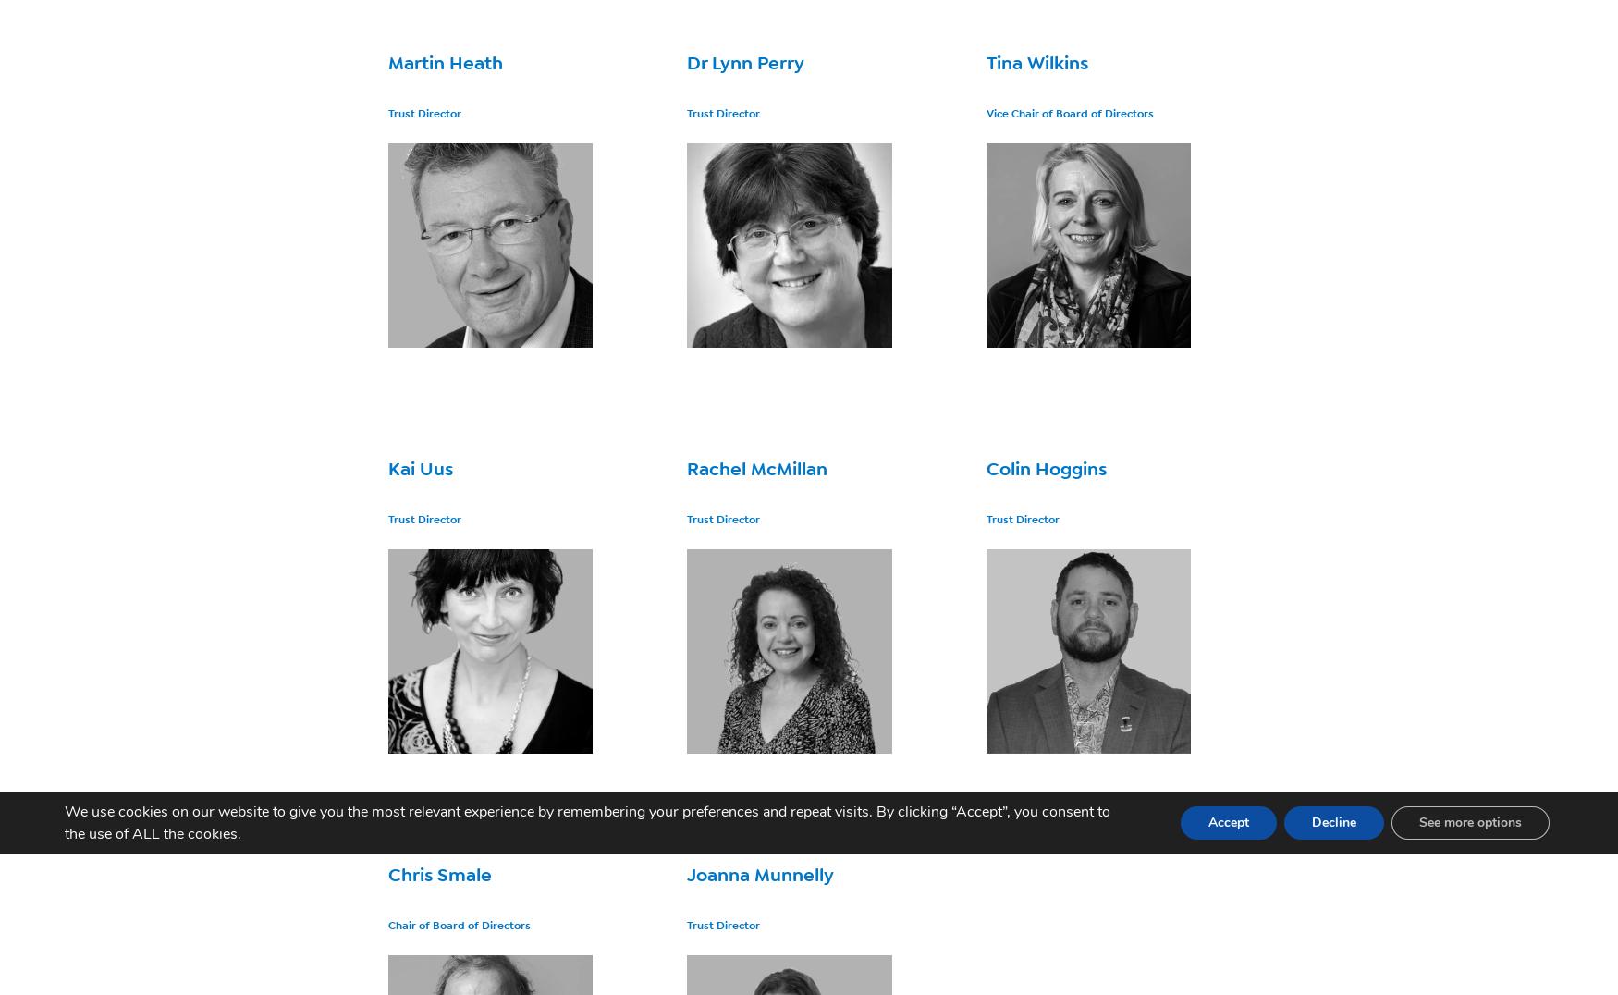 This screenshot has width=1618, height=995. Describe the element at coordinates (1334, 822) in the screenshot. I see `'Decline'` at that location.